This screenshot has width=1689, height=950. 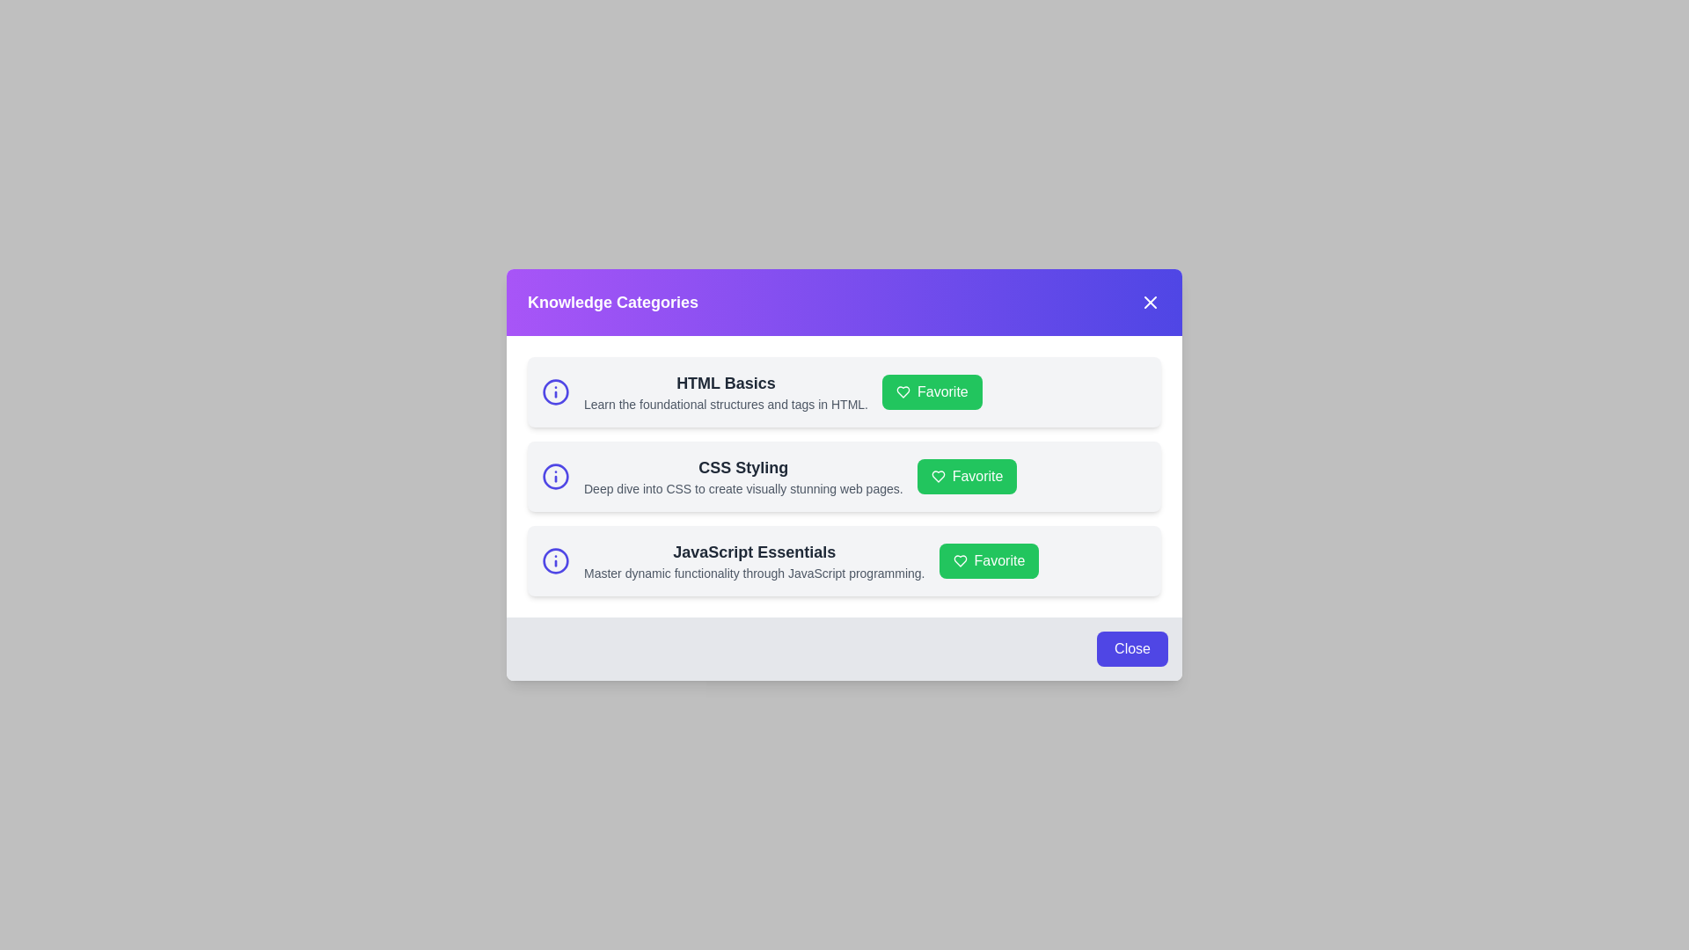 I want to click on the text element that reads 'Deep dive into CSS to create visually stunning web pages.', which is styled in a smaller gray font and located below the heading 'CSS Styling' and above a green 'Favorite' button, so click(x=743, y=488).